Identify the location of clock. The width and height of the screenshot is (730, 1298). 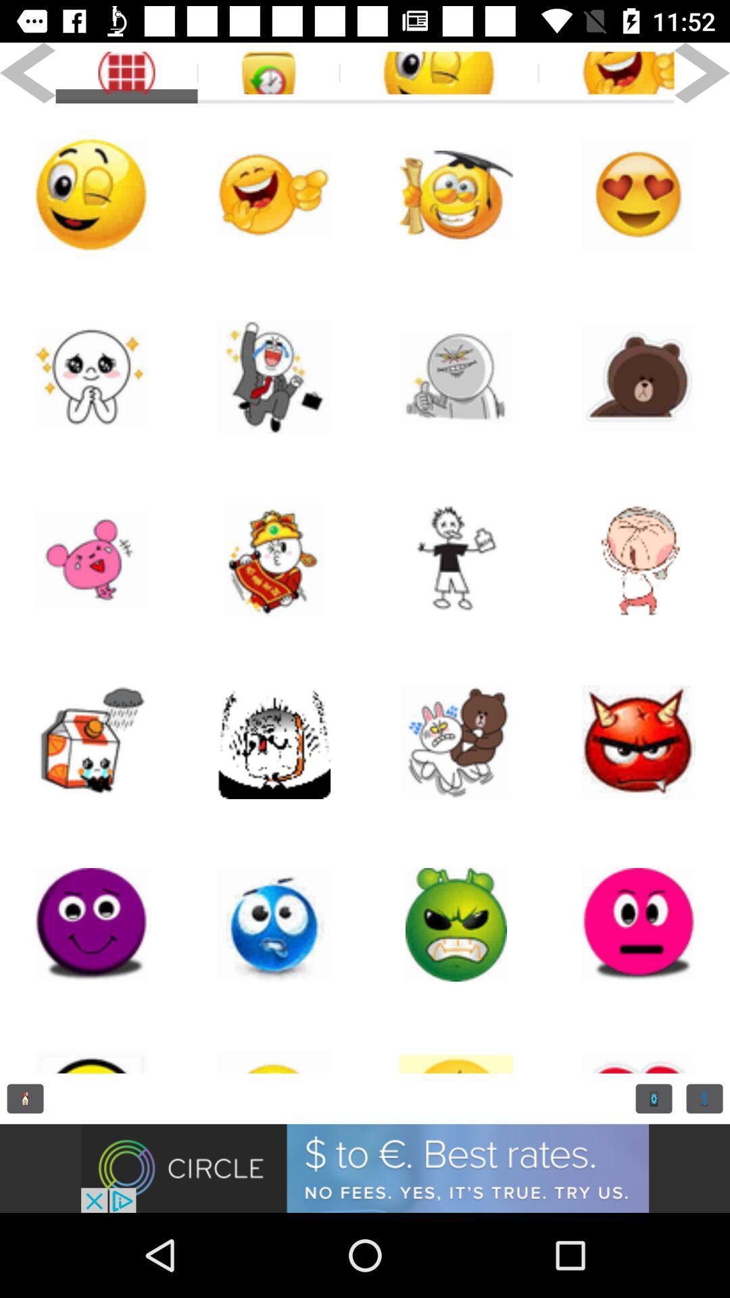
(25, 1099).